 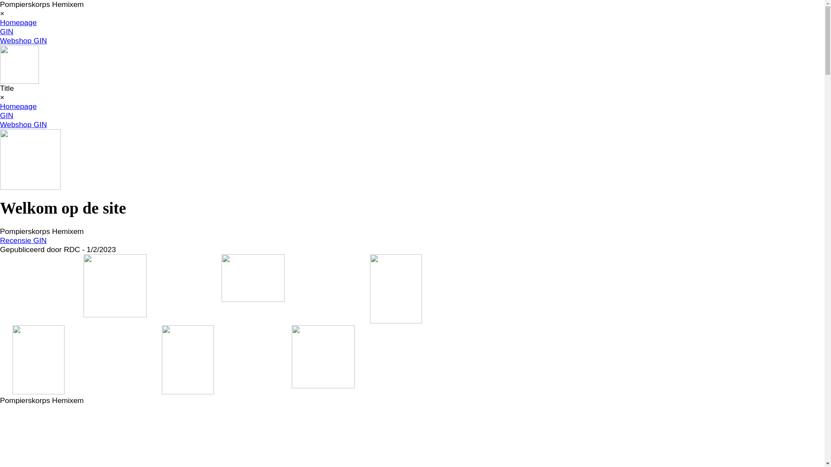 What do you see at coordinates (18, 106) in the screenshot?
I see `'Homepage'` at bounding box center [18, 106].